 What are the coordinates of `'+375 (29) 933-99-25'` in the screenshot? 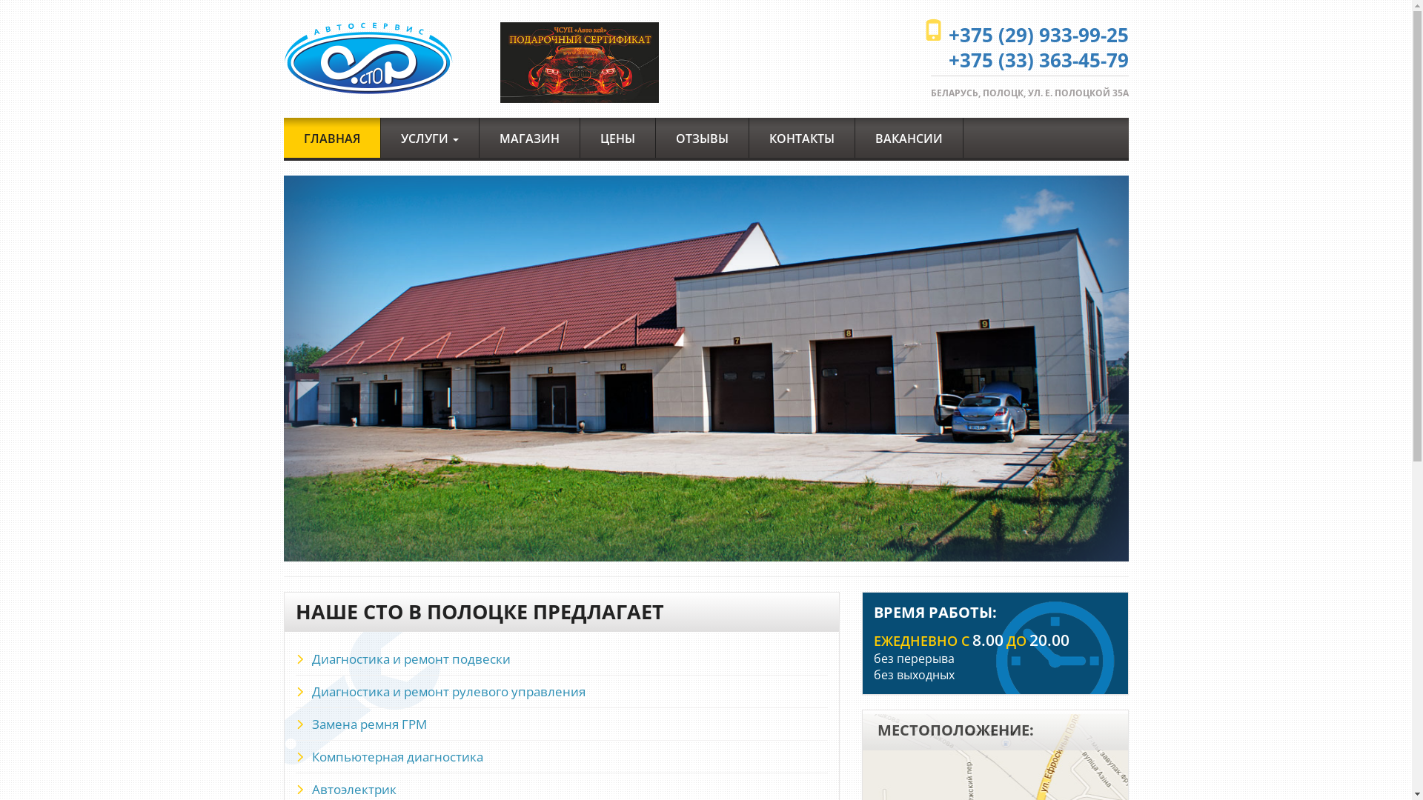 It's located at (1038, 33).